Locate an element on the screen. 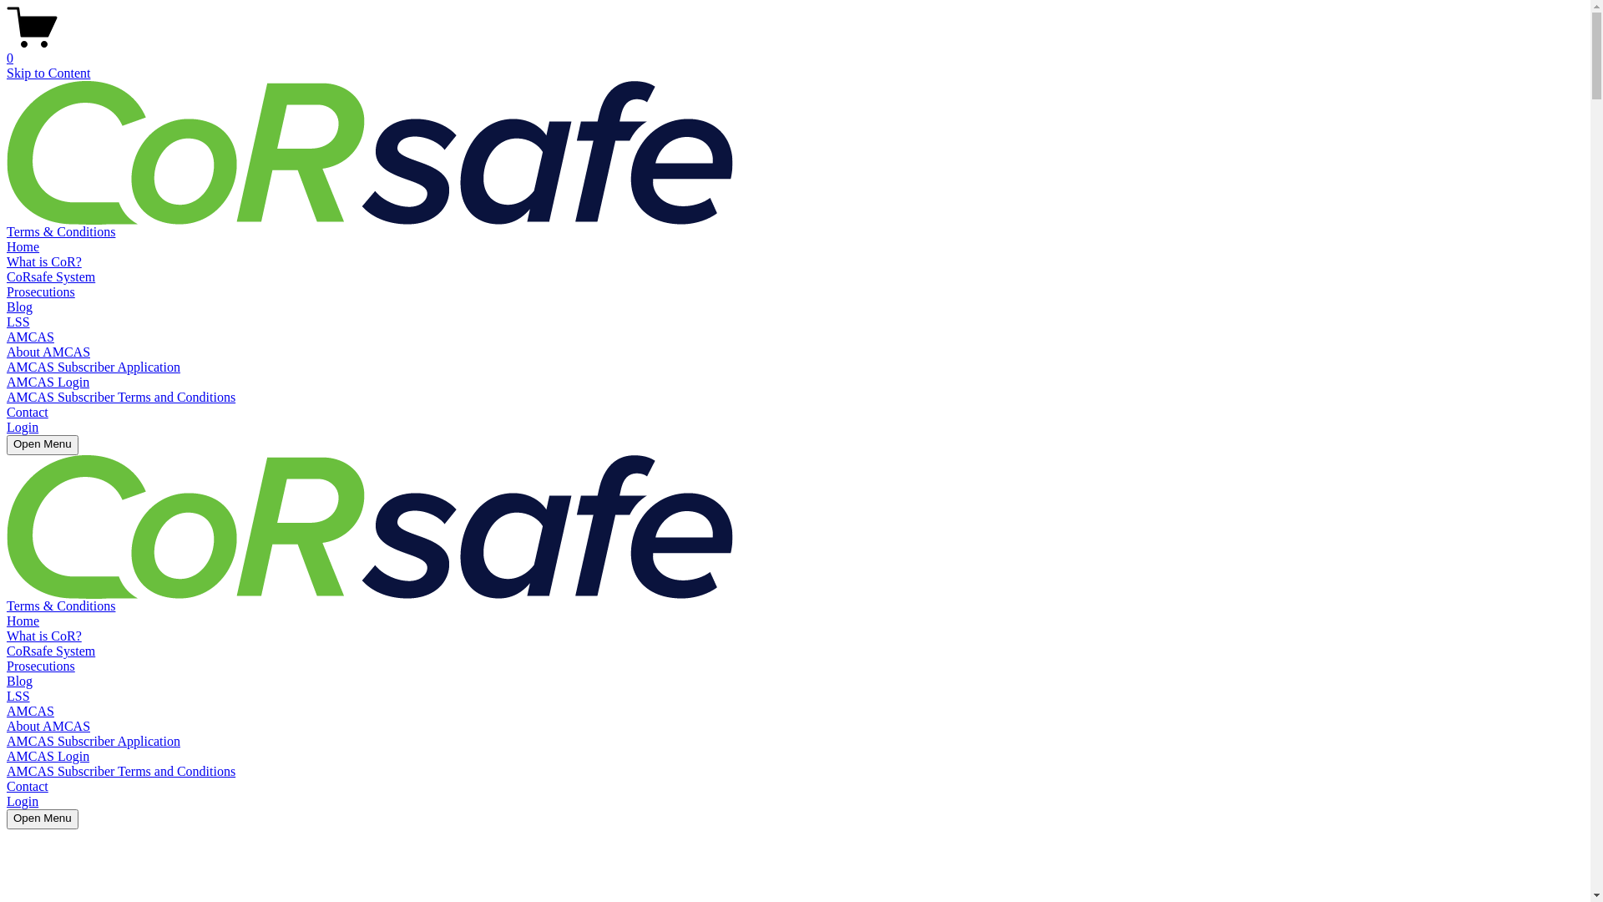  'Contact' is located at coordinates (28, 412).